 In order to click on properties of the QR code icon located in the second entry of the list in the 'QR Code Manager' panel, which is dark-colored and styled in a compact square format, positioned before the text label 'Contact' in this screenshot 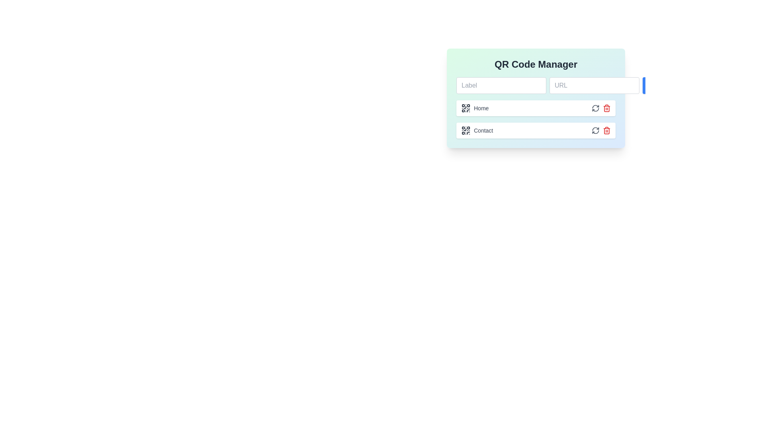, I will do `click(466, 130)`.